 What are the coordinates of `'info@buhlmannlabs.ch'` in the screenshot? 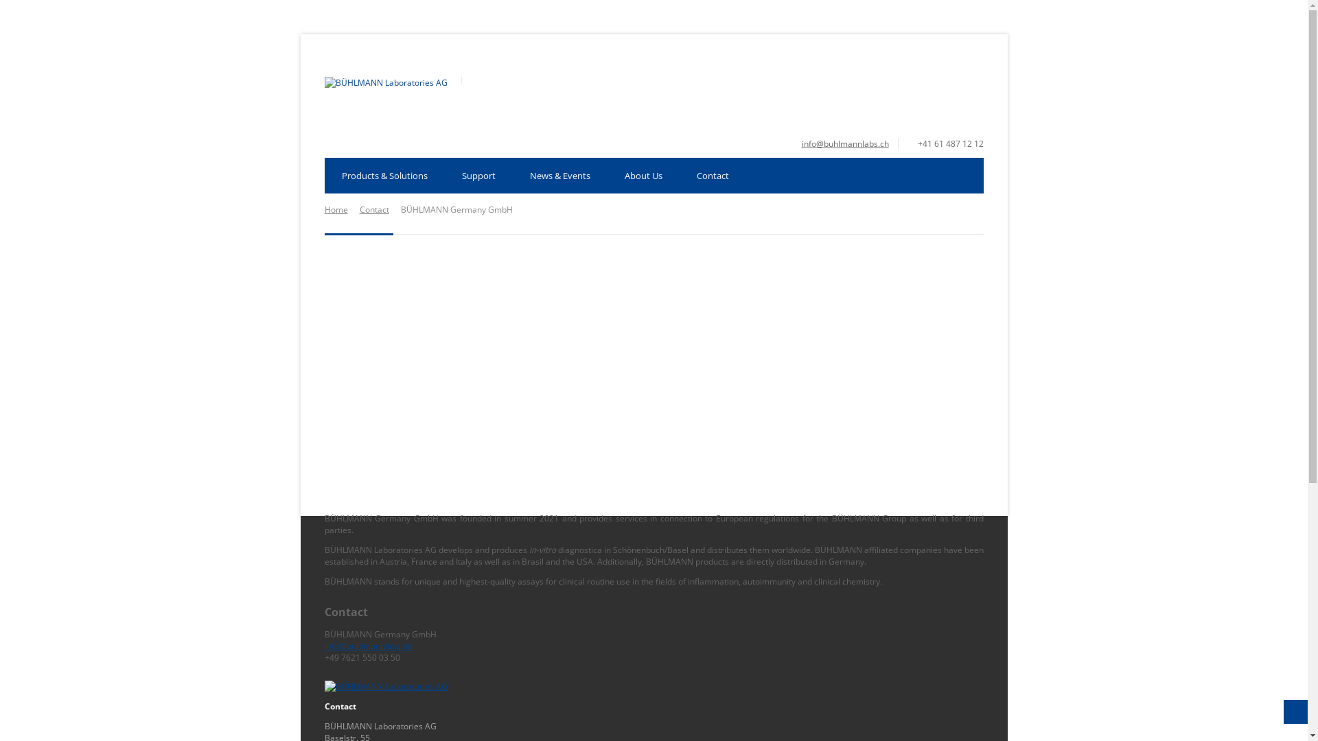 It's located at (844, 143).